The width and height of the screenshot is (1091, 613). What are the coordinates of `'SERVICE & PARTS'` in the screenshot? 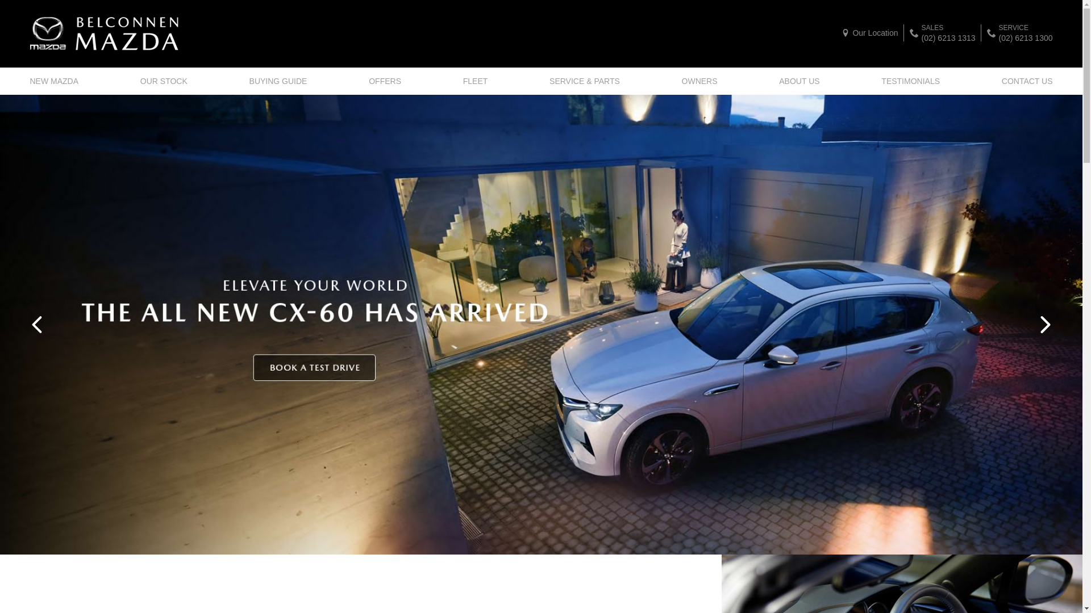 It's located at (584, 80).